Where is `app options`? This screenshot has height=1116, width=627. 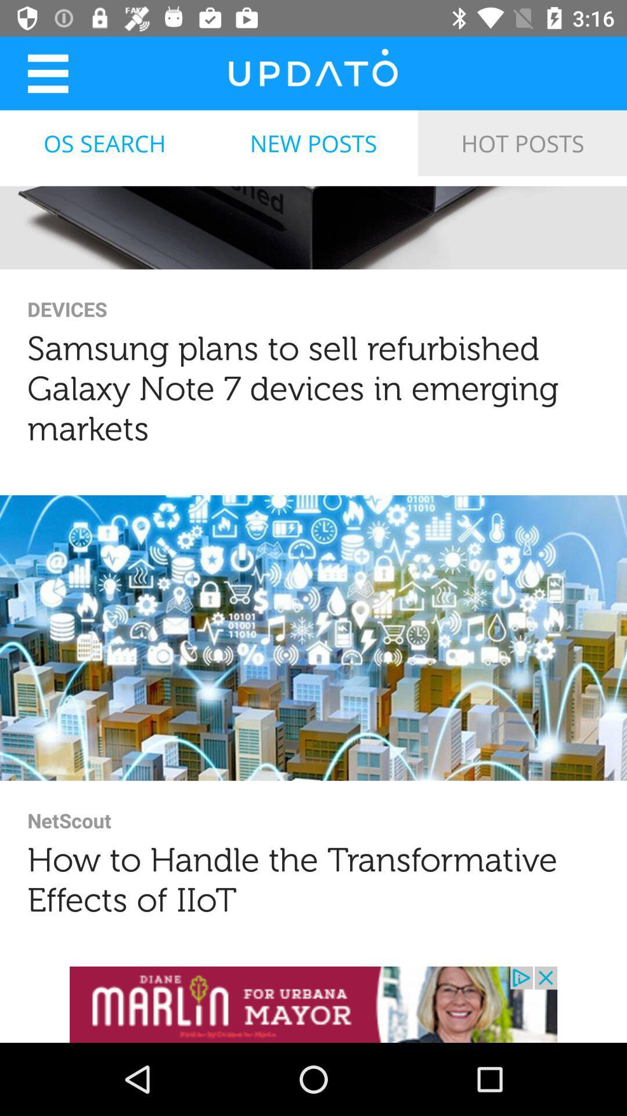 app options is located at coordinates (47, 73).